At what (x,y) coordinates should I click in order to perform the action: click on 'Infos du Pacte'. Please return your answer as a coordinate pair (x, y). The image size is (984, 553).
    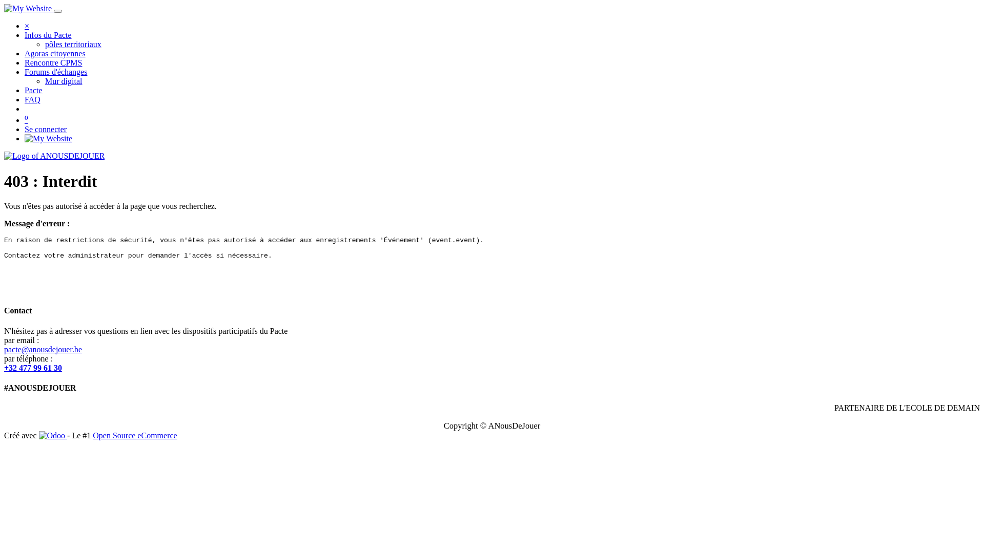
    Looking at the image, I should click on (48, 34).